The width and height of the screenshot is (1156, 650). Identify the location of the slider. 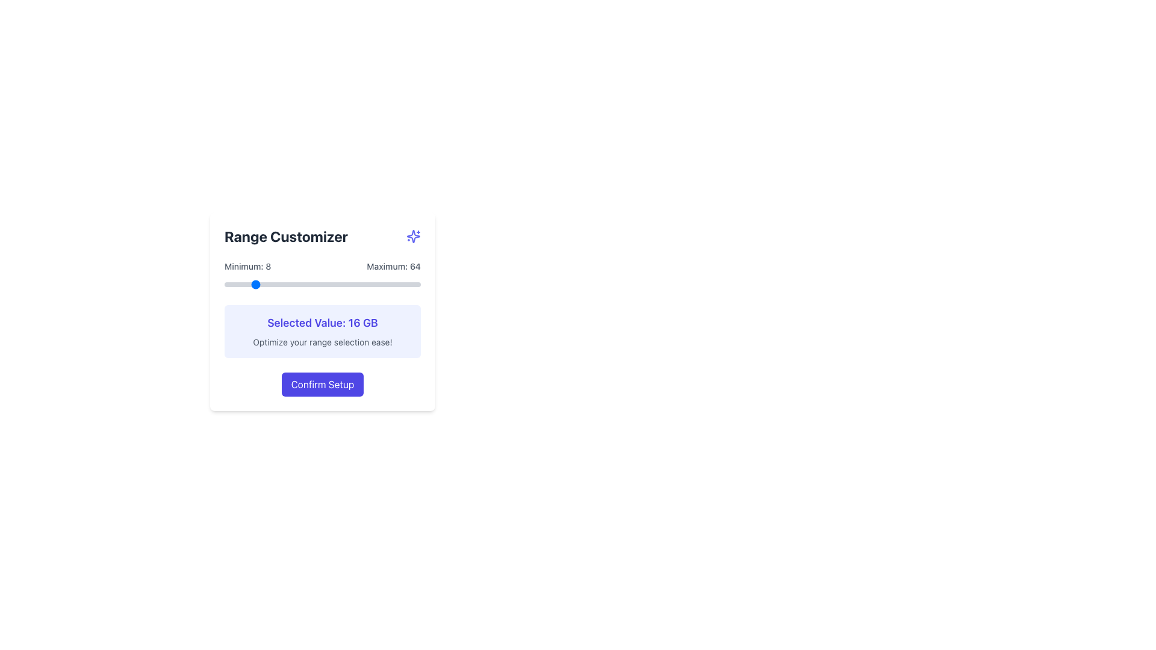
(367, 285).